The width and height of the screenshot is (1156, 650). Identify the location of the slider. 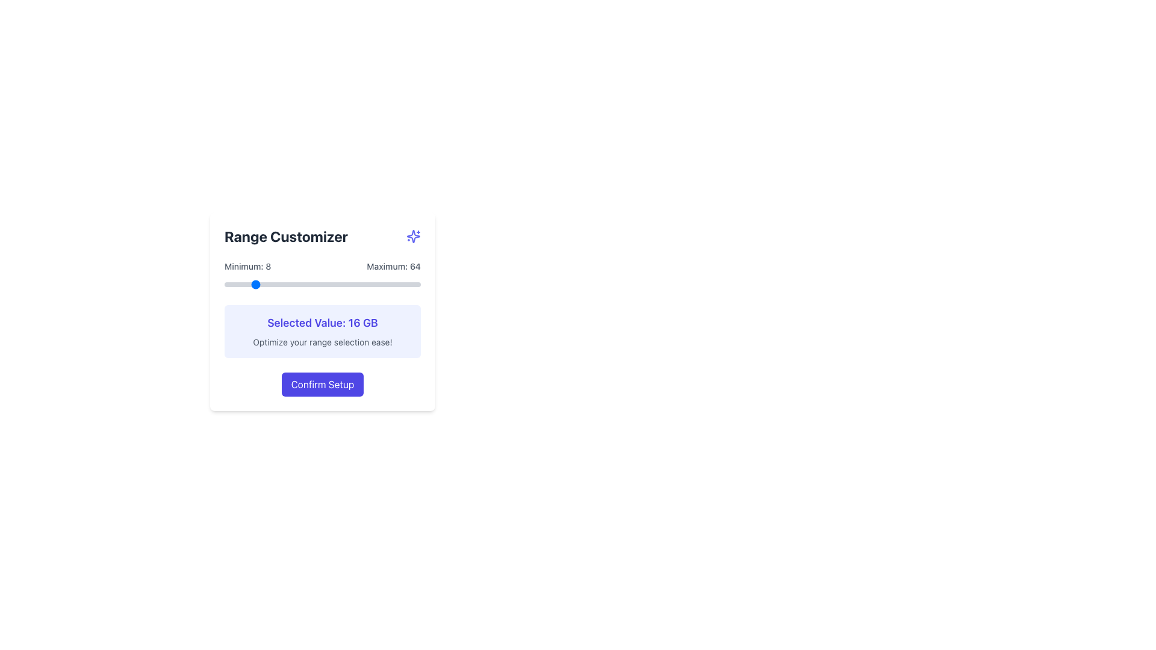
(367, 285).